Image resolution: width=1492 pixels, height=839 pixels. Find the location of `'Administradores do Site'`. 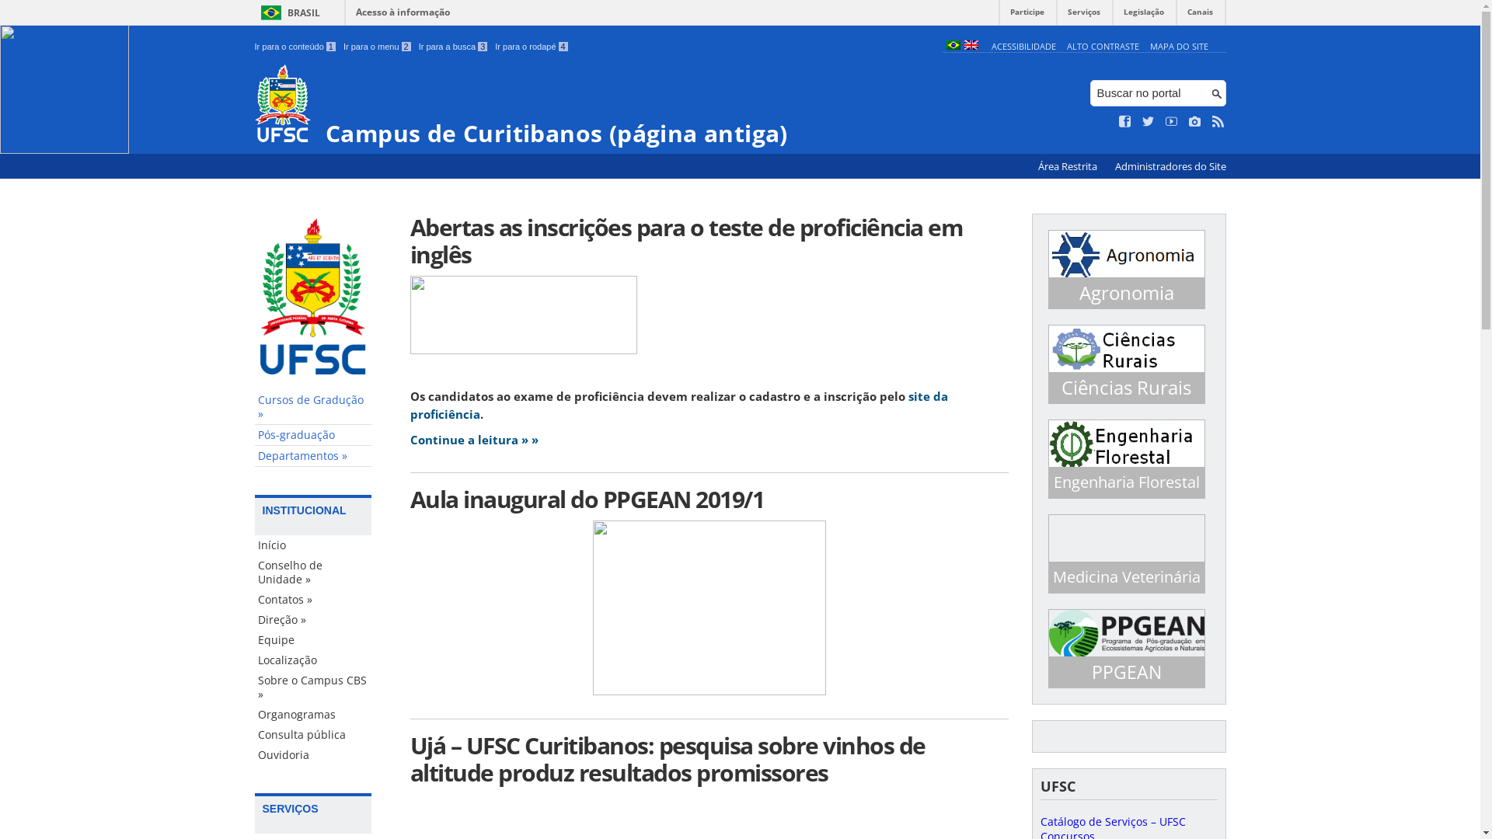

'Administradores do Site' is located at coordinates (1170, 166).